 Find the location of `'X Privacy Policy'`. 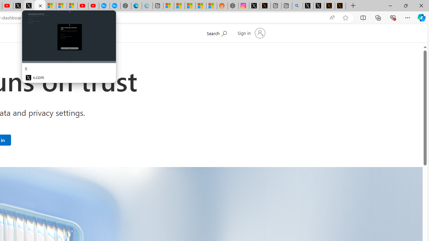

'X Privacy Policy' is located at coordinates (340, 6).